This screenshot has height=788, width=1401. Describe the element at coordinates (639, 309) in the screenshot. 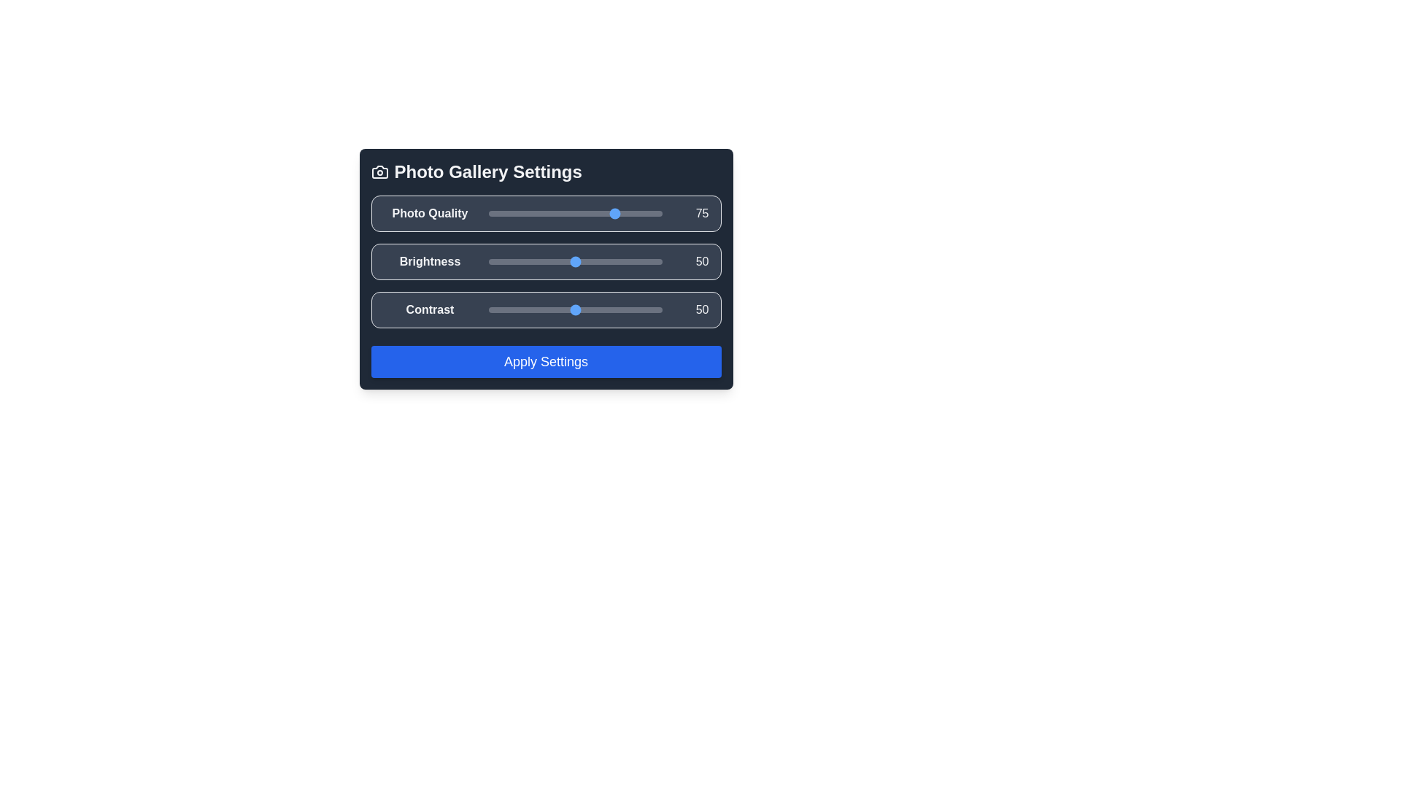

I see `the contrast level` at that location.